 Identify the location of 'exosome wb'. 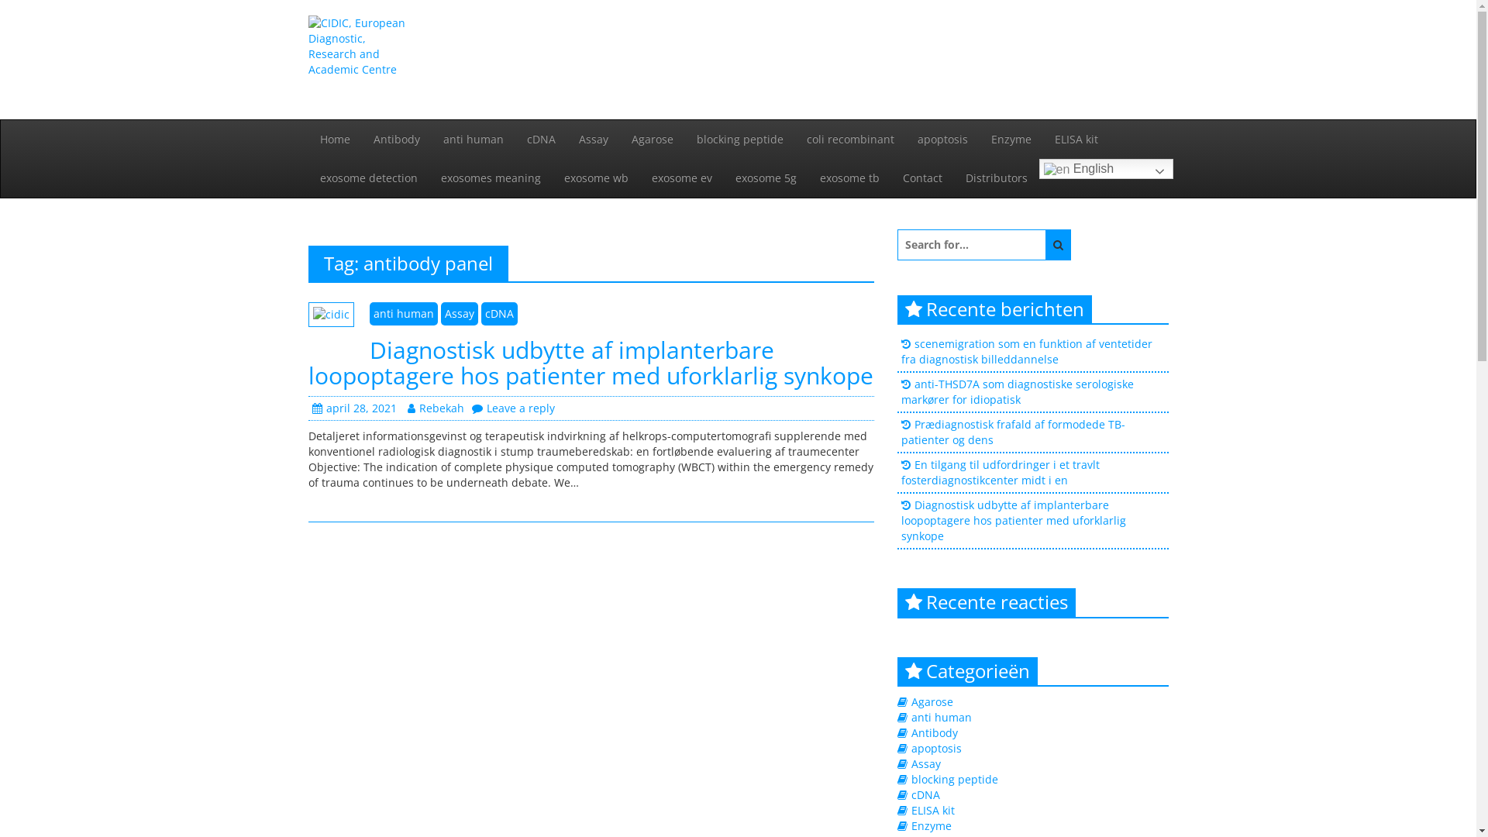
(551, 177).